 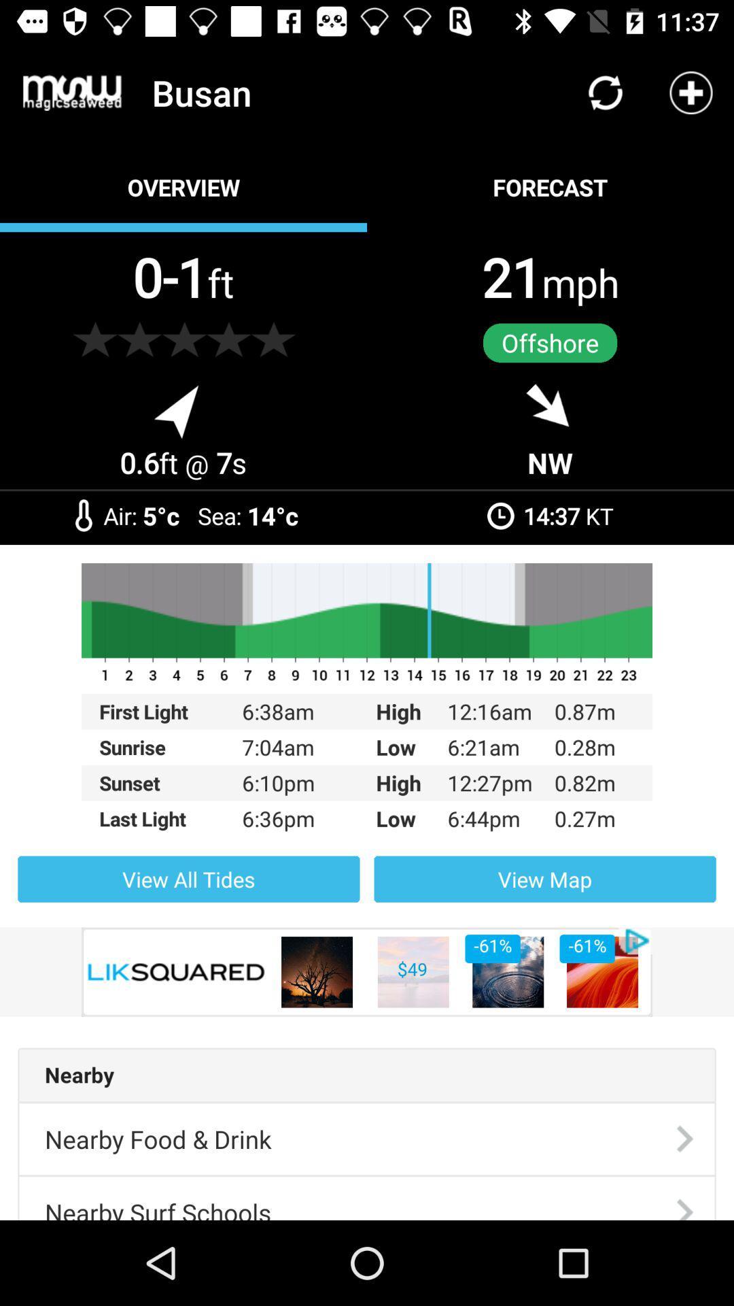 I want to click on the item above the overview icon, so click(x=72, y=92).